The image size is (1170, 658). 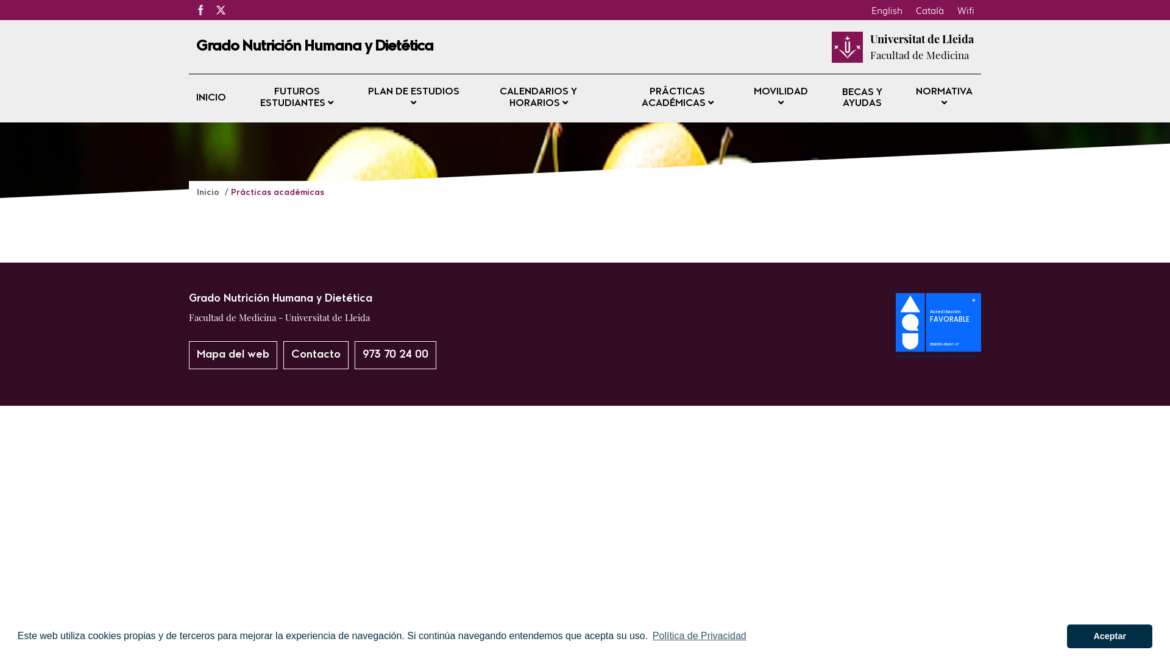 I want to click on 'Contacto', so click(x=316, y=355).